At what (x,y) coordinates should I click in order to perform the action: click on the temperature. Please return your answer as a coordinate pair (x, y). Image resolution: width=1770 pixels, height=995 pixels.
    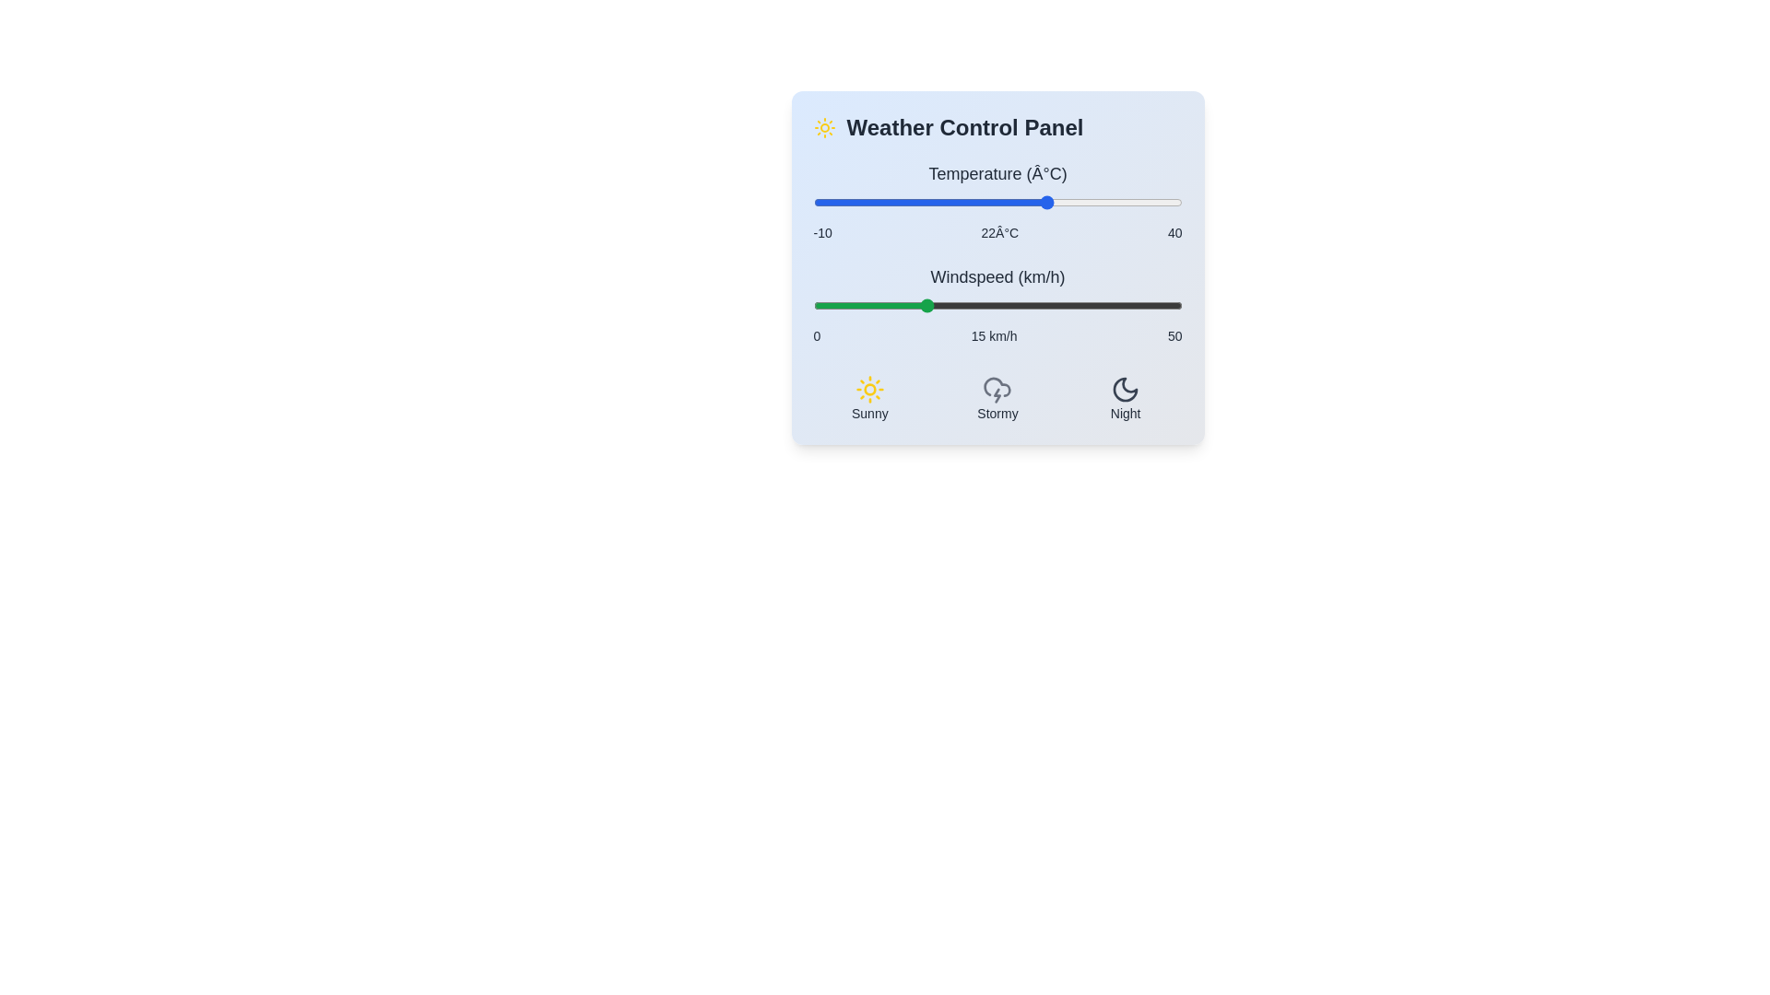
    Looking at the image, I should click on (887, 202).